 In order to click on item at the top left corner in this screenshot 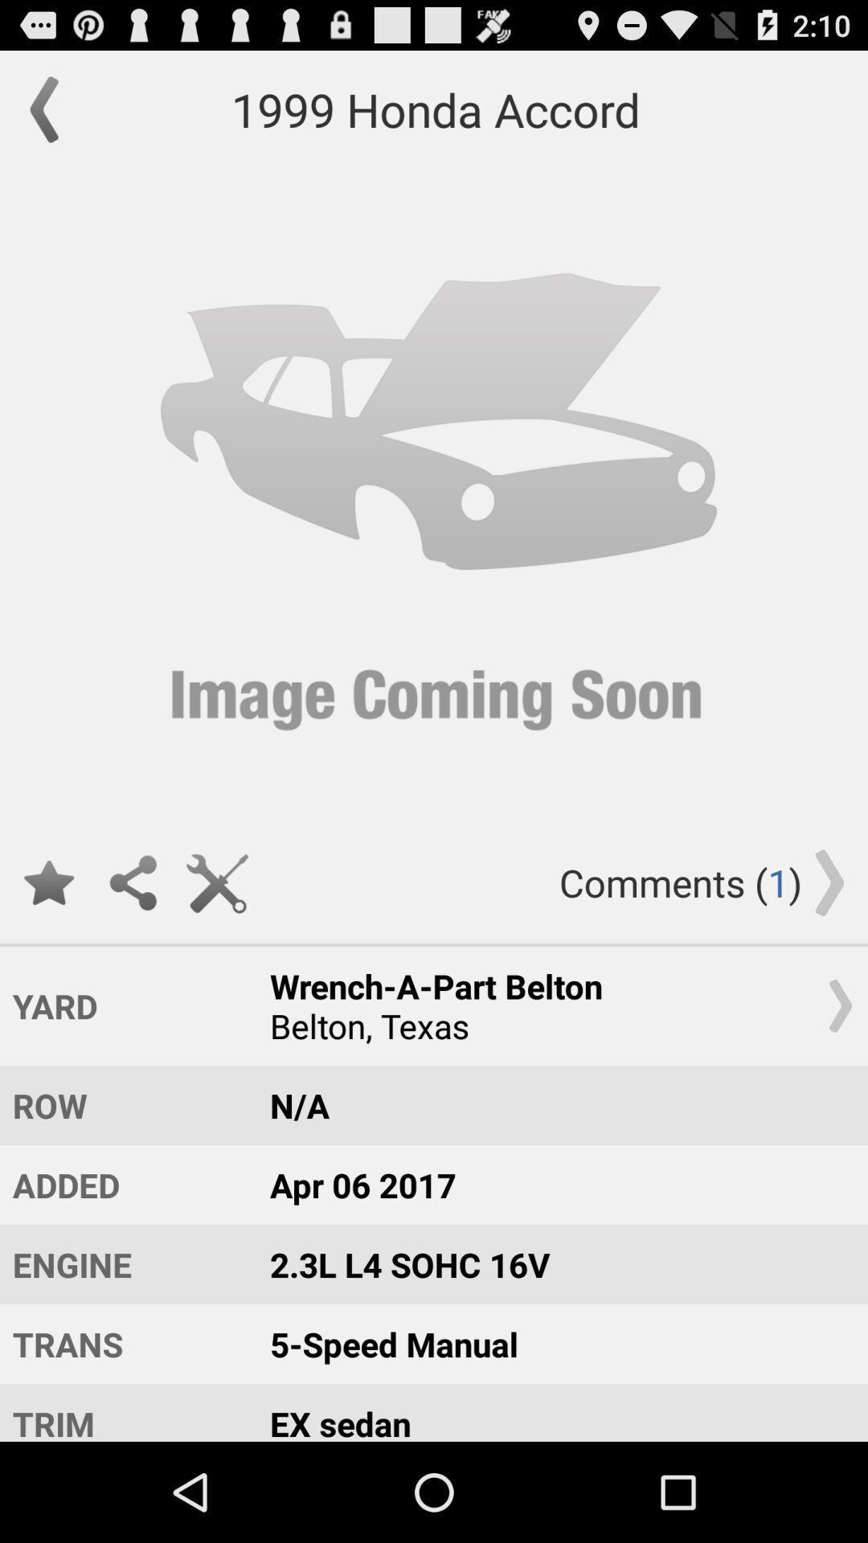, I will do `click(51, 108)`.